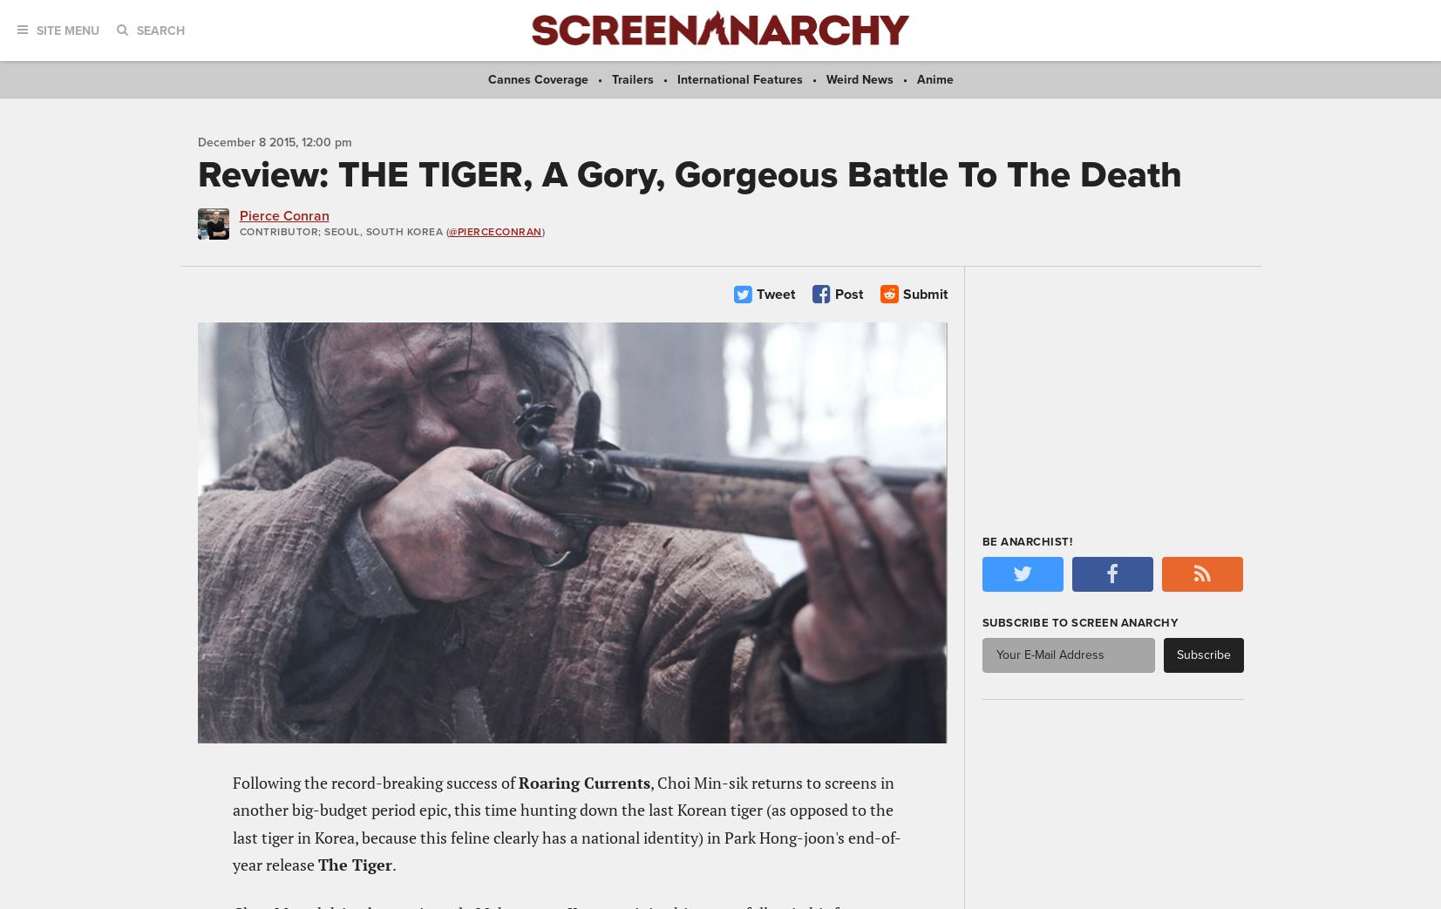 The image size is (1441, 909). Describe the element at coordinates (901, 292) in the screenshot. I see `'Submit'` at that location.